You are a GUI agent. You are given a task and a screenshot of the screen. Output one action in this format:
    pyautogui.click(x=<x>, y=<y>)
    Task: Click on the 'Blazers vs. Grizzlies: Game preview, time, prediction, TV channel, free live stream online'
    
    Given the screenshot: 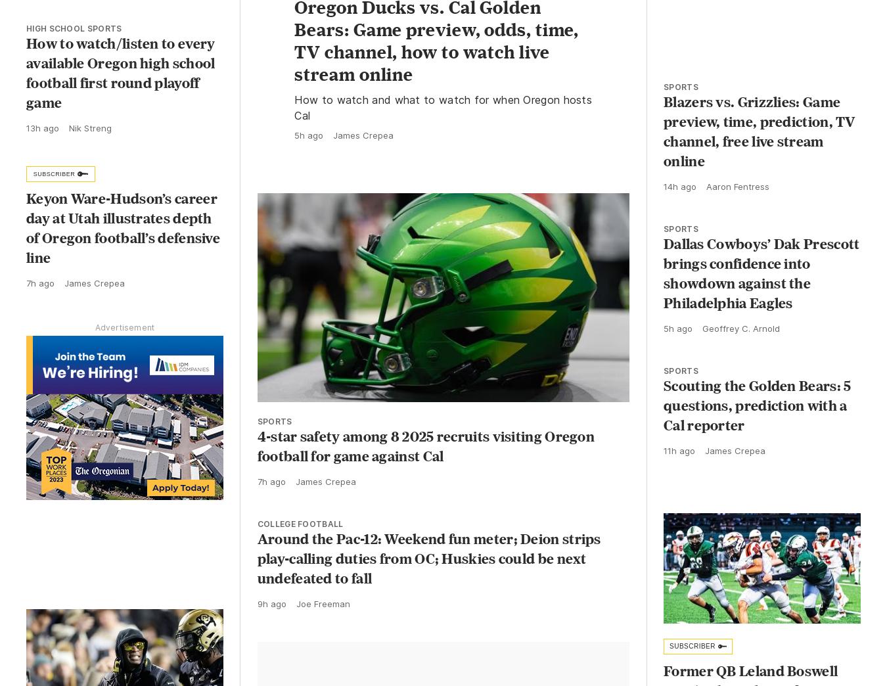 What is the action you would take?
    pyautogui.click(x=662, y=143)
    